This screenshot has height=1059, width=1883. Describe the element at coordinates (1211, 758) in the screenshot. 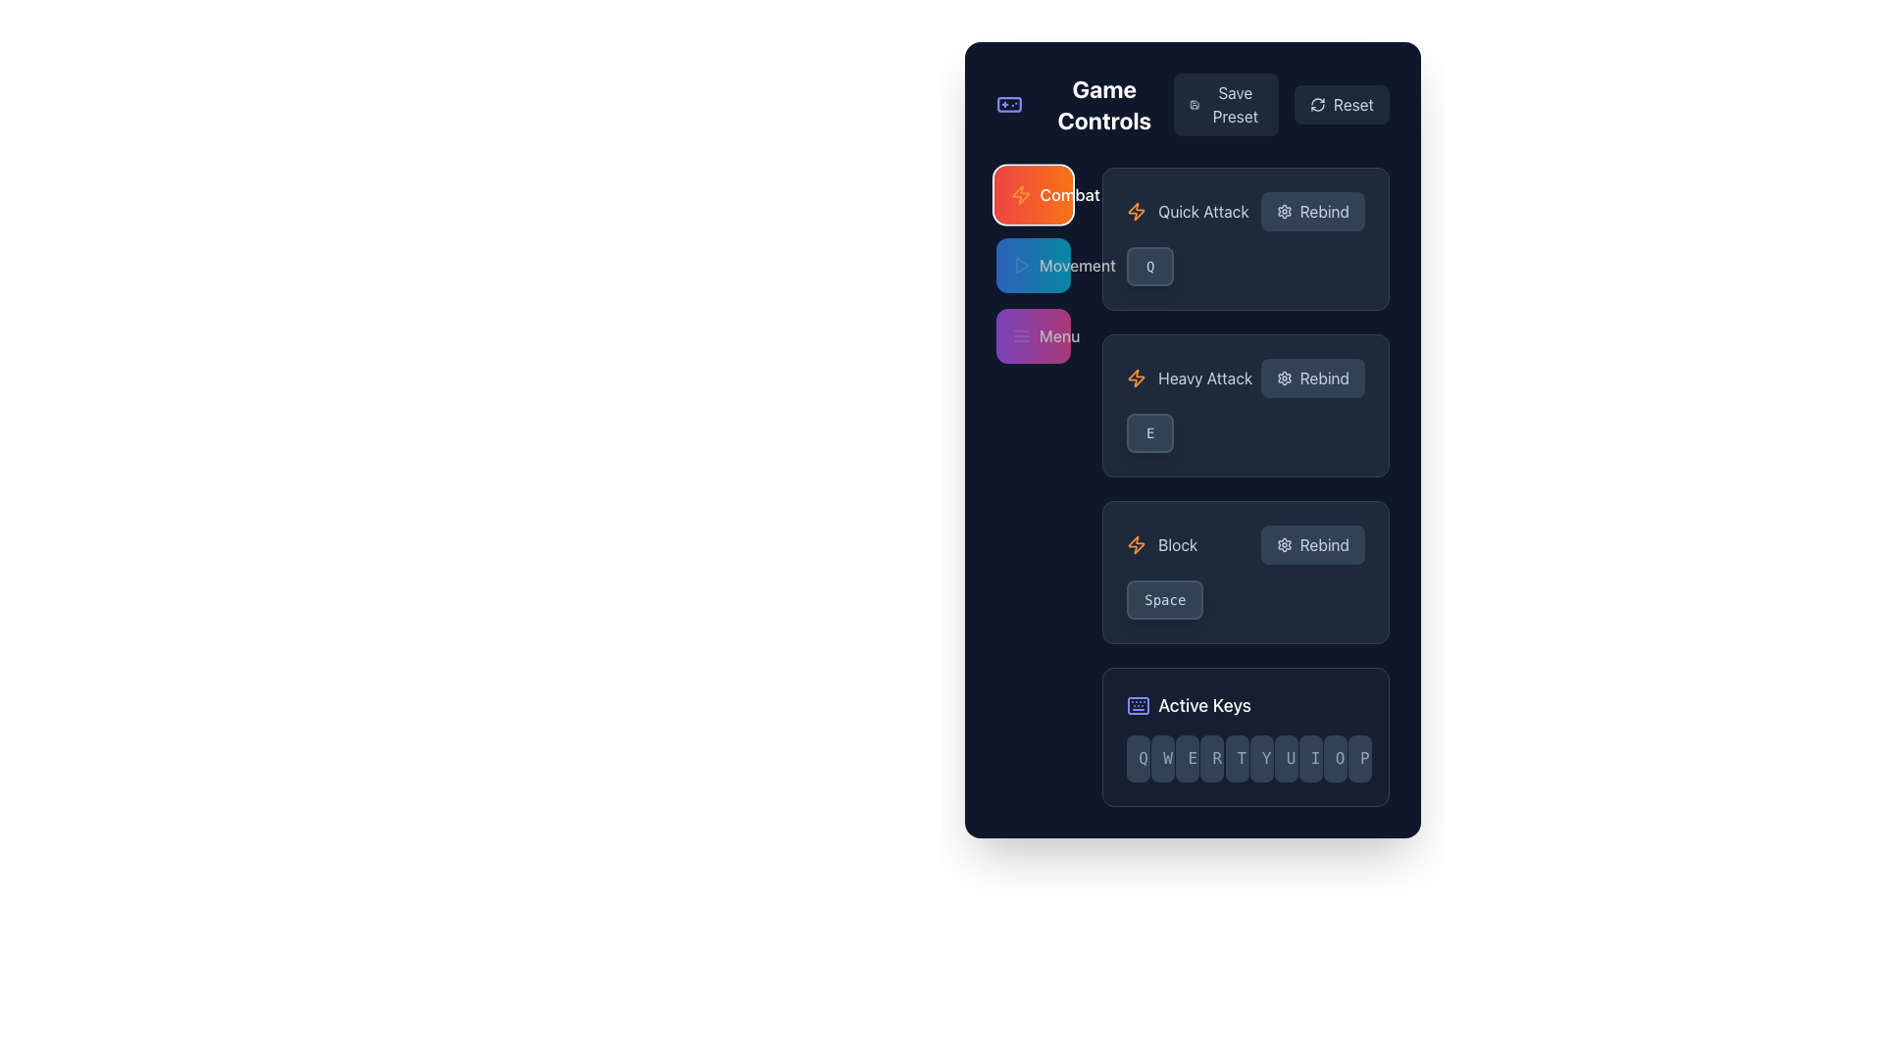

I see `the rectangular button with rounded corners labeled 'R' located in the grid of buttons in the 'Active Keys' section, positioned between buttons 'E' and 'T'` at that location.